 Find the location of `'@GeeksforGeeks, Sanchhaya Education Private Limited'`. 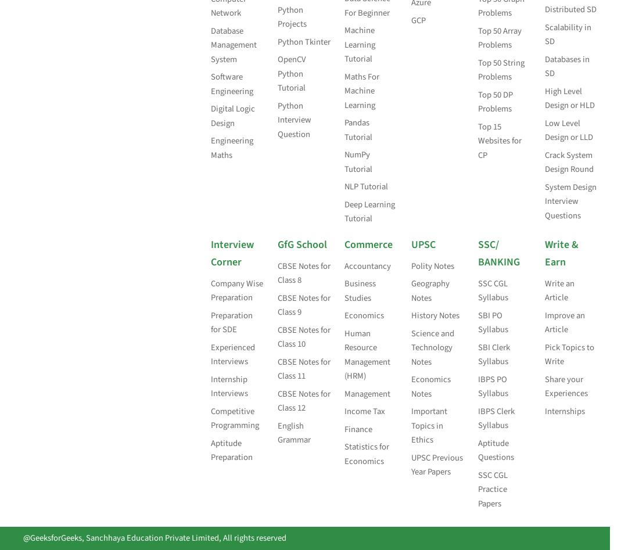

'@GeeksforGeeks, Sanchhaya Education Private Limited' is located at coordinates (121, 537).